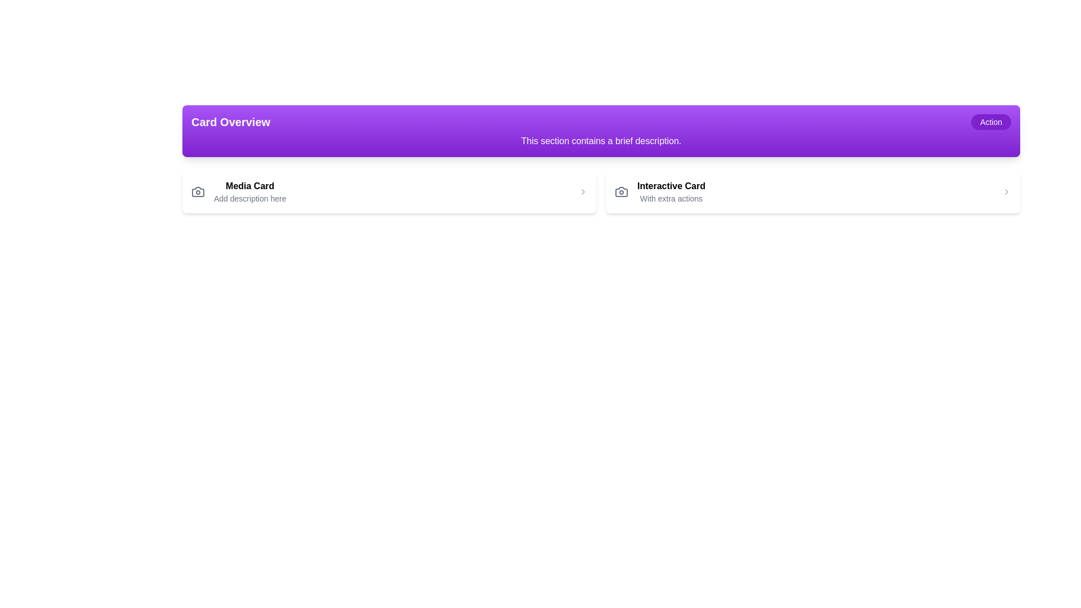 The width and height of the screenshot is (1081, 608). Describe the element at coordinates (249, 186) in the screenshot. I see `the text label that says 'Media Card', which is styled in bold and located above the subtext 'Add description here'` at that location.